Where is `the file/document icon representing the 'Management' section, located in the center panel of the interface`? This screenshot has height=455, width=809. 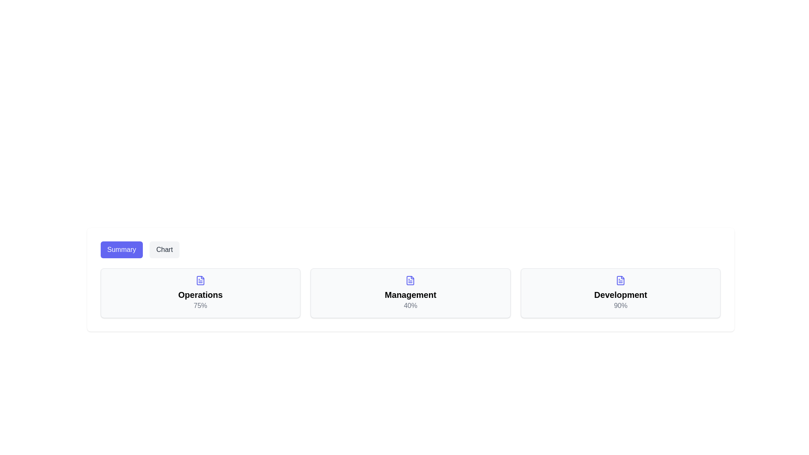 the file/document icon representing the 'Management' section, located in the center panel of the interface is located at coordinates (410, 281).